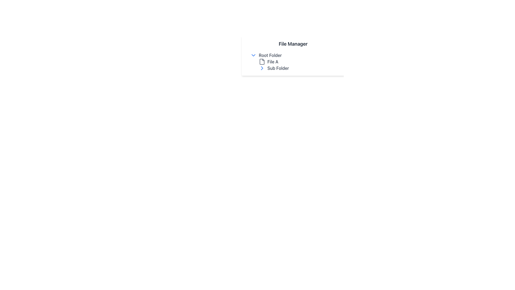 The height and width of the screenshot is (290, 515). I want to click on the document file icon located to the left of the 'File A' label, so click(262, 61).